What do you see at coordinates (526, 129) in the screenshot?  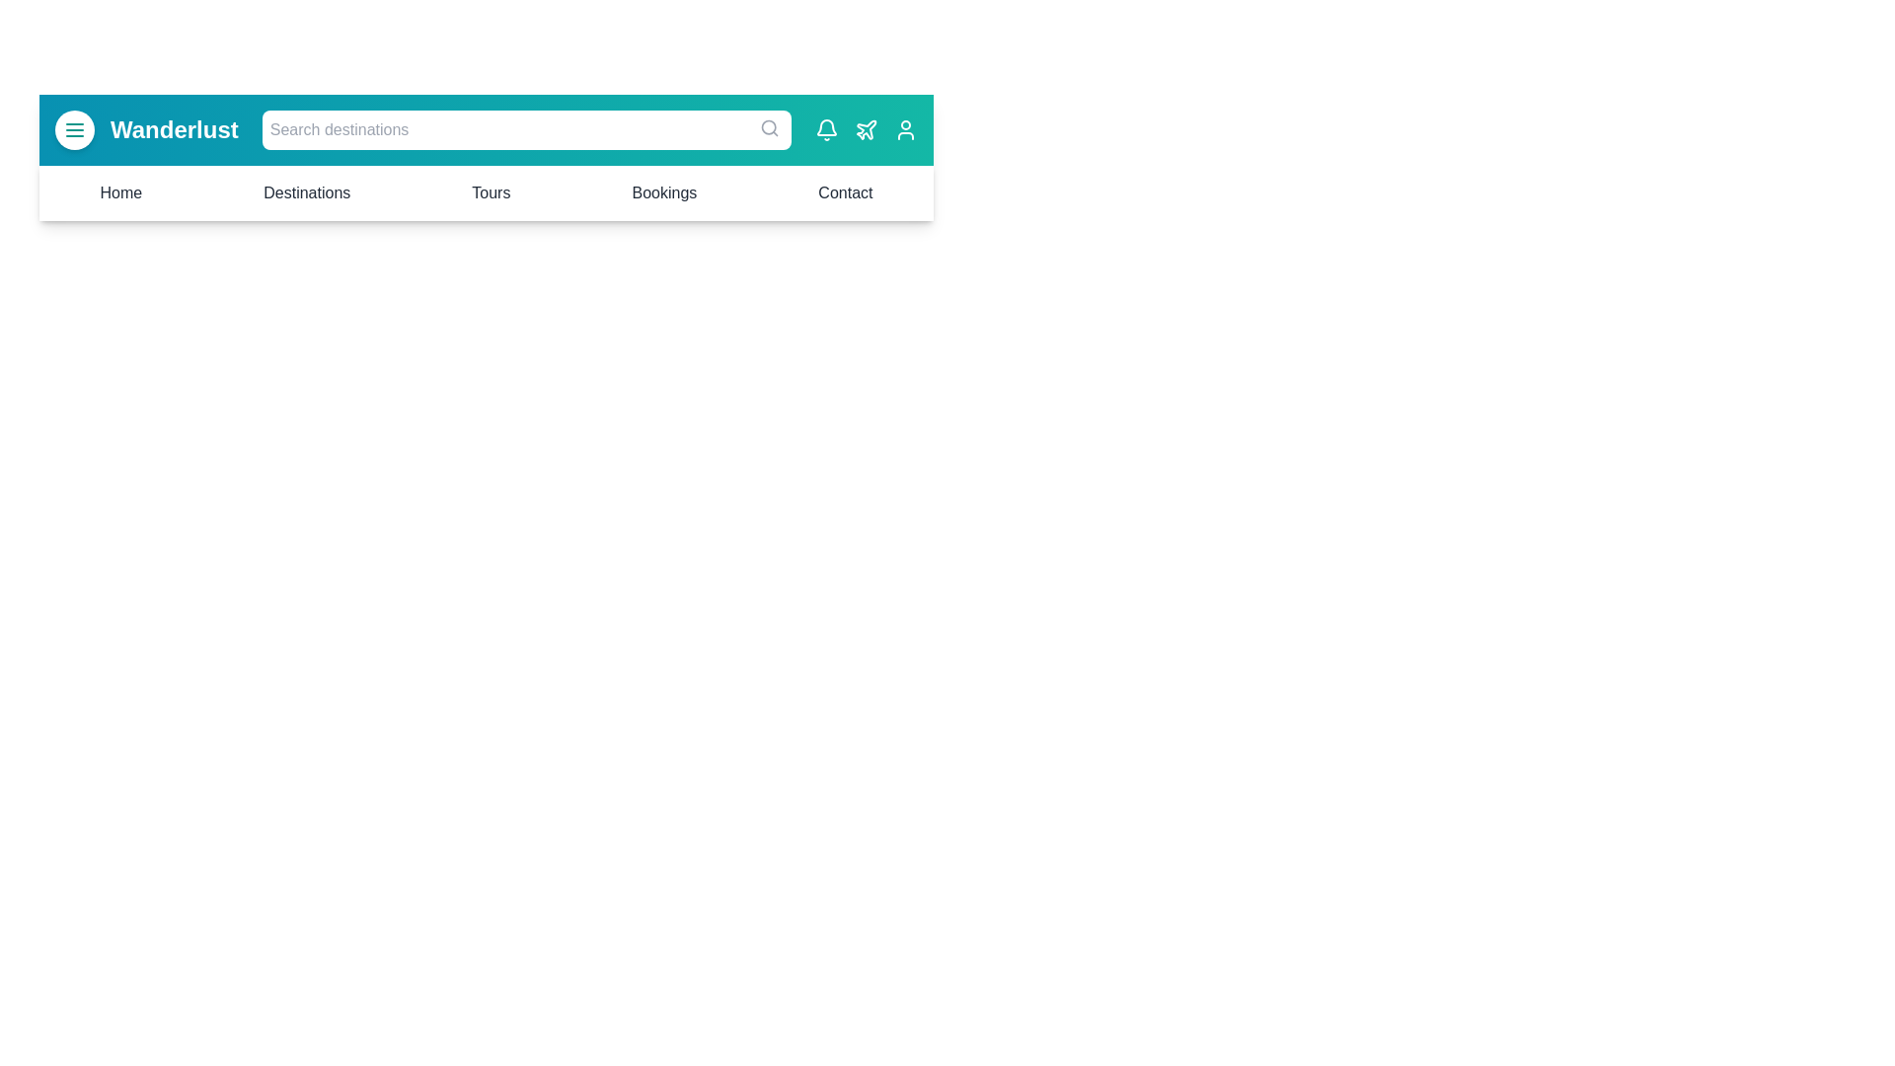 I see `the search bar to focus it` at bounding box center [526, 129].